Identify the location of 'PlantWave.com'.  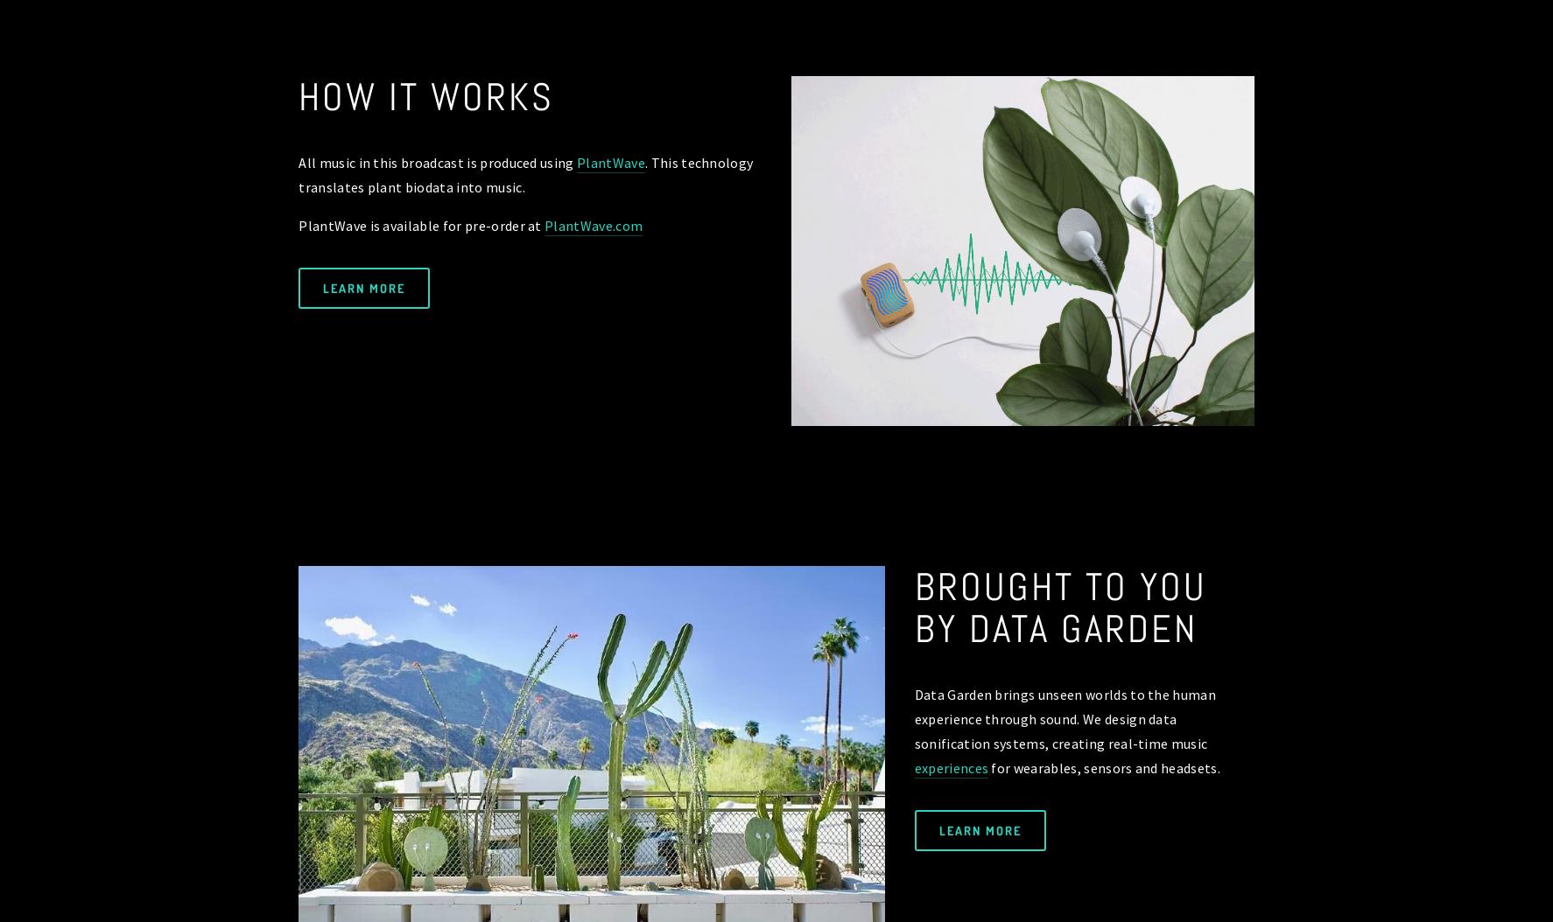
(543, 224).